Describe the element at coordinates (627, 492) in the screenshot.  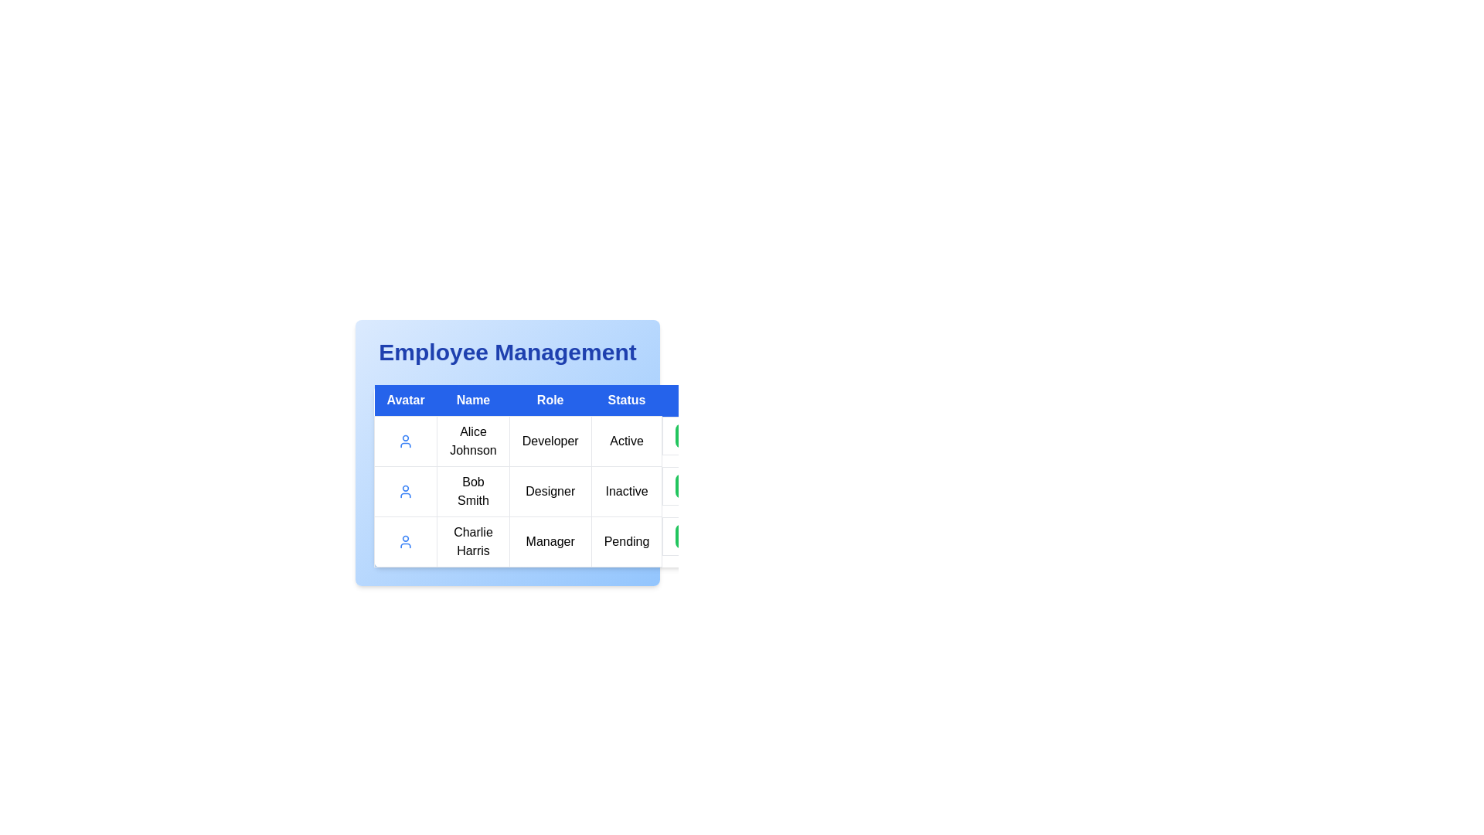
I see `status displayed in the text box located in the second row, fourth column of the 'Employee Management' table, which shows 'Inactive'` at that location.